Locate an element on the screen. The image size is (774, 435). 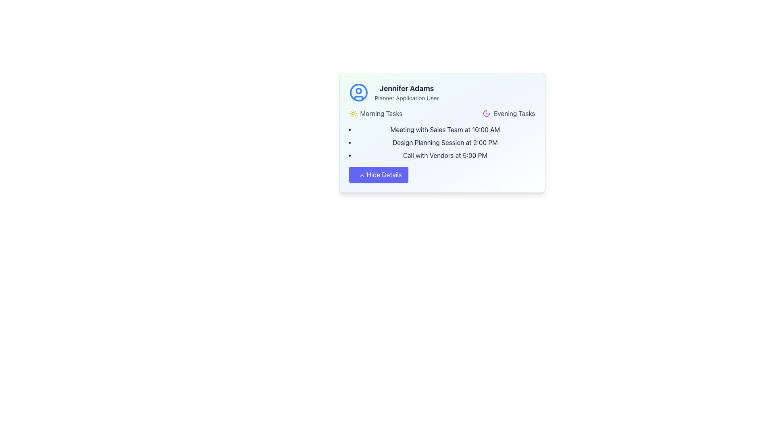
the 'Evening Tasks' label that visually separates and identifies evening-related tasks, located to the right of the 'Morning Tasks' label is located at coordinates (508, 113).